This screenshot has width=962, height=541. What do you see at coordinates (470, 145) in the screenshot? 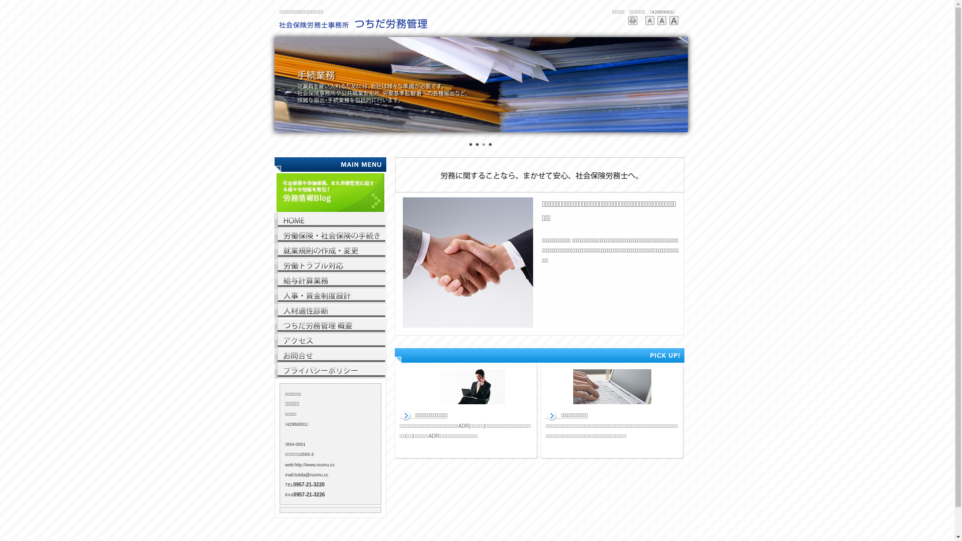
I see `'1'` at bounding box center [470, 145].